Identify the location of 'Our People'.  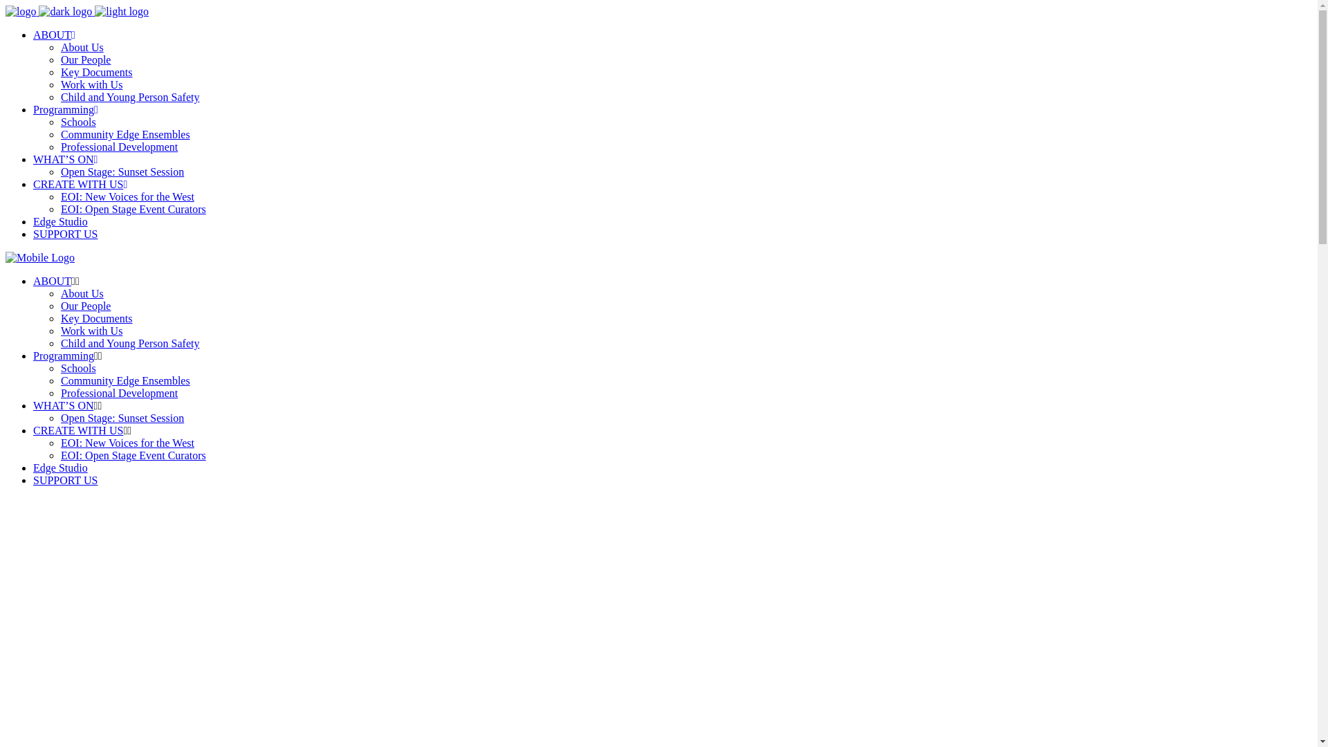
(85, 305).